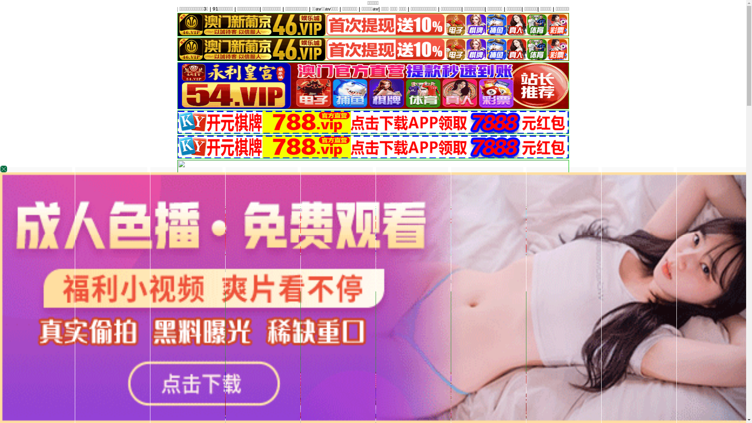  What do you see at coordinates (708, 9) in the screenshot?
I see `'|'` at bounding box center [708, 9].